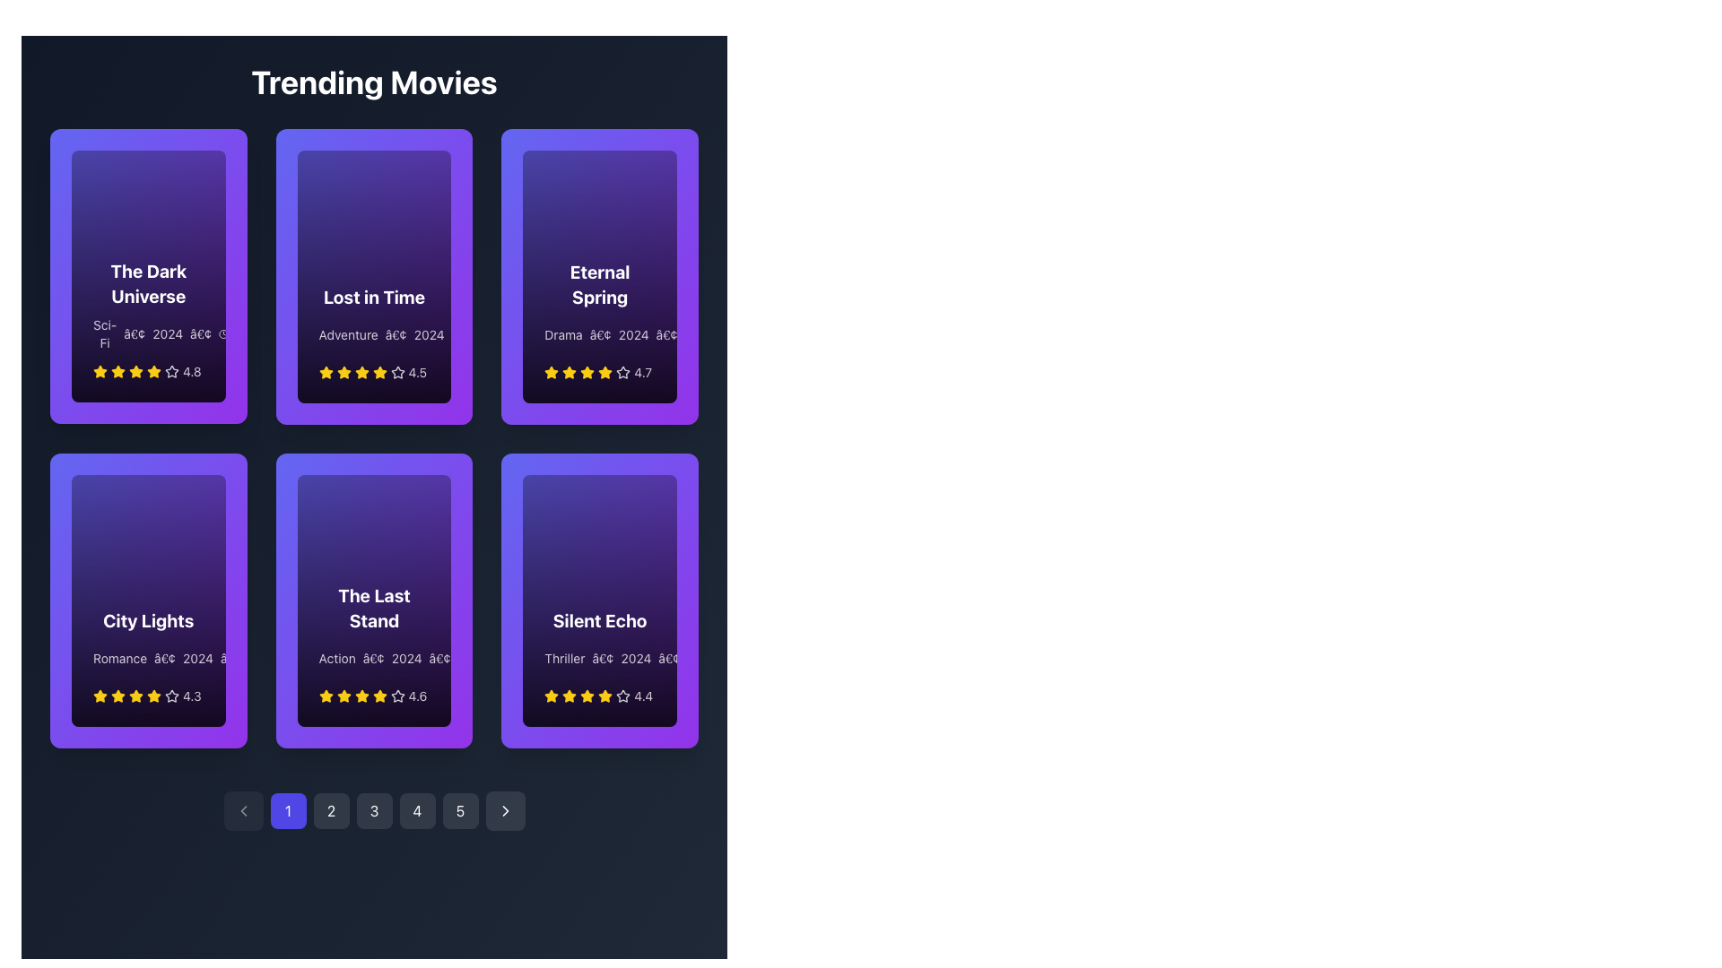 The image size is (1722, 968). Describe the element at coordinates (148, 601) in the screenshot. I see `the Informational card for the movie 'City Lights', located in the second row and first column of the 'Trending Movies' grid layout` at that location.